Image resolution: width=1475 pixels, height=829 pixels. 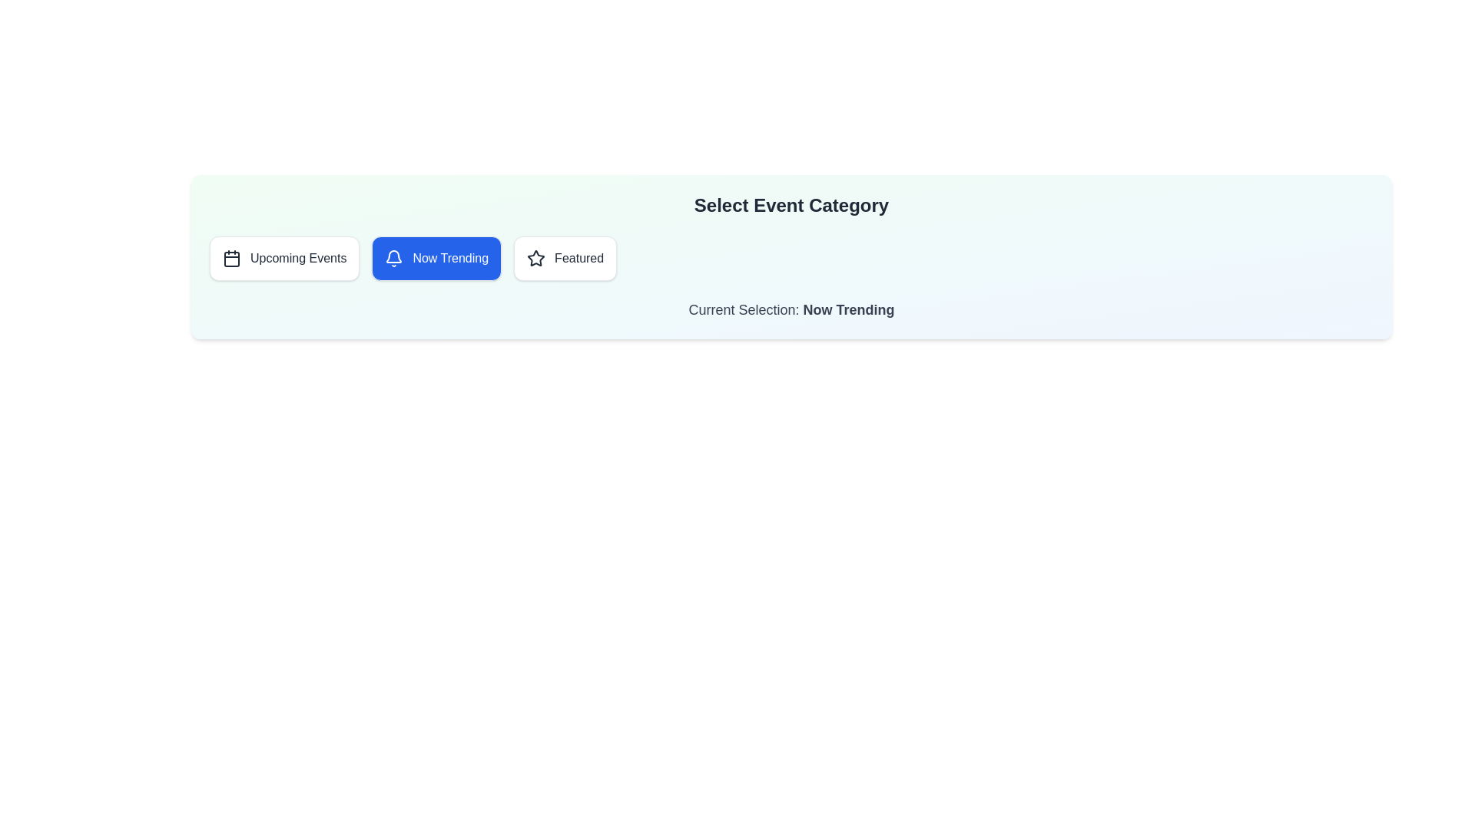 What do you see at coordinates (231, 257) in the screenshot?
I see `the calendar icon located in the 'Upcoming Events' button, which is the leftmost button in a horizontal row of three buttons` at bounding box center [231, 257].